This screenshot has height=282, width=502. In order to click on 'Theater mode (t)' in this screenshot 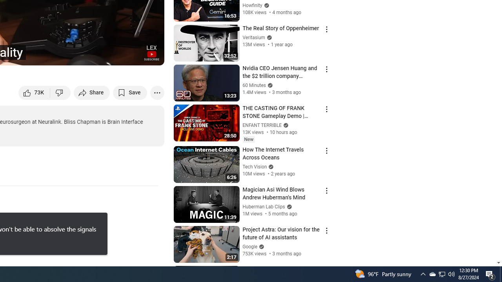, I will do `click(131, 55)`.